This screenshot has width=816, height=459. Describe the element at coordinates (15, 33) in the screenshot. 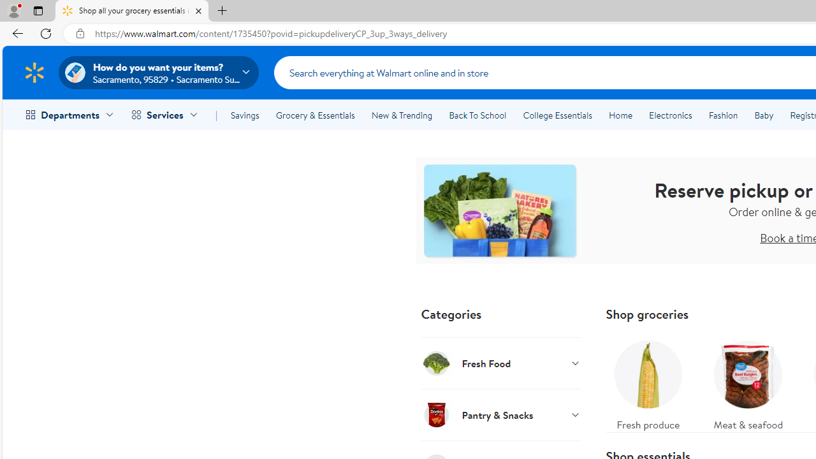

I see `'Back'` at that location.